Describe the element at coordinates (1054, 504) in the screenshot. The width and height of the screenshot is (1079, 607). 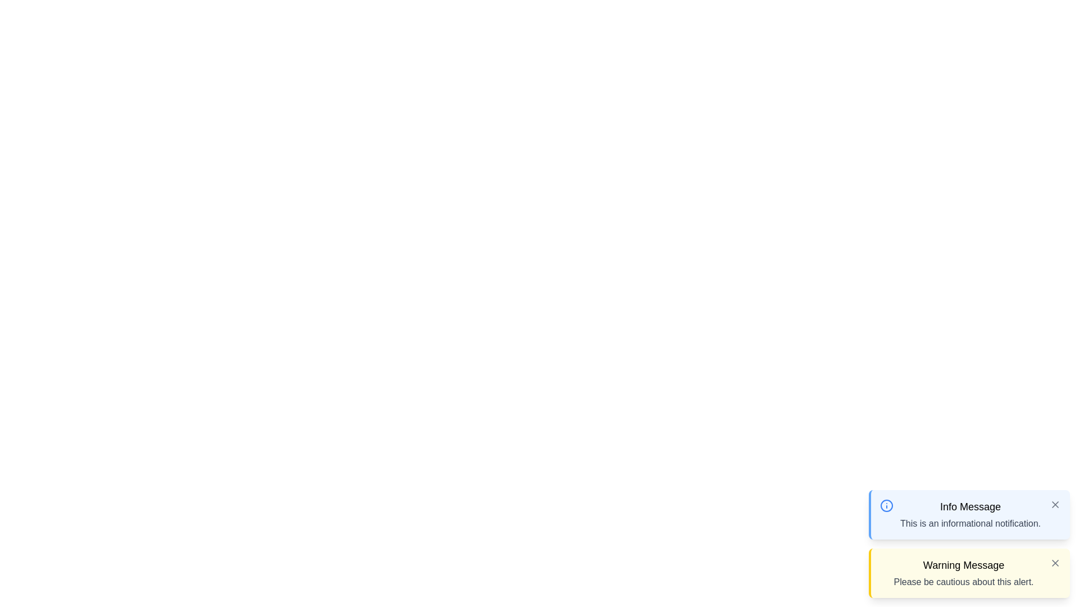
I see `the close button located in the upper right corner of the info notification card` at that location.